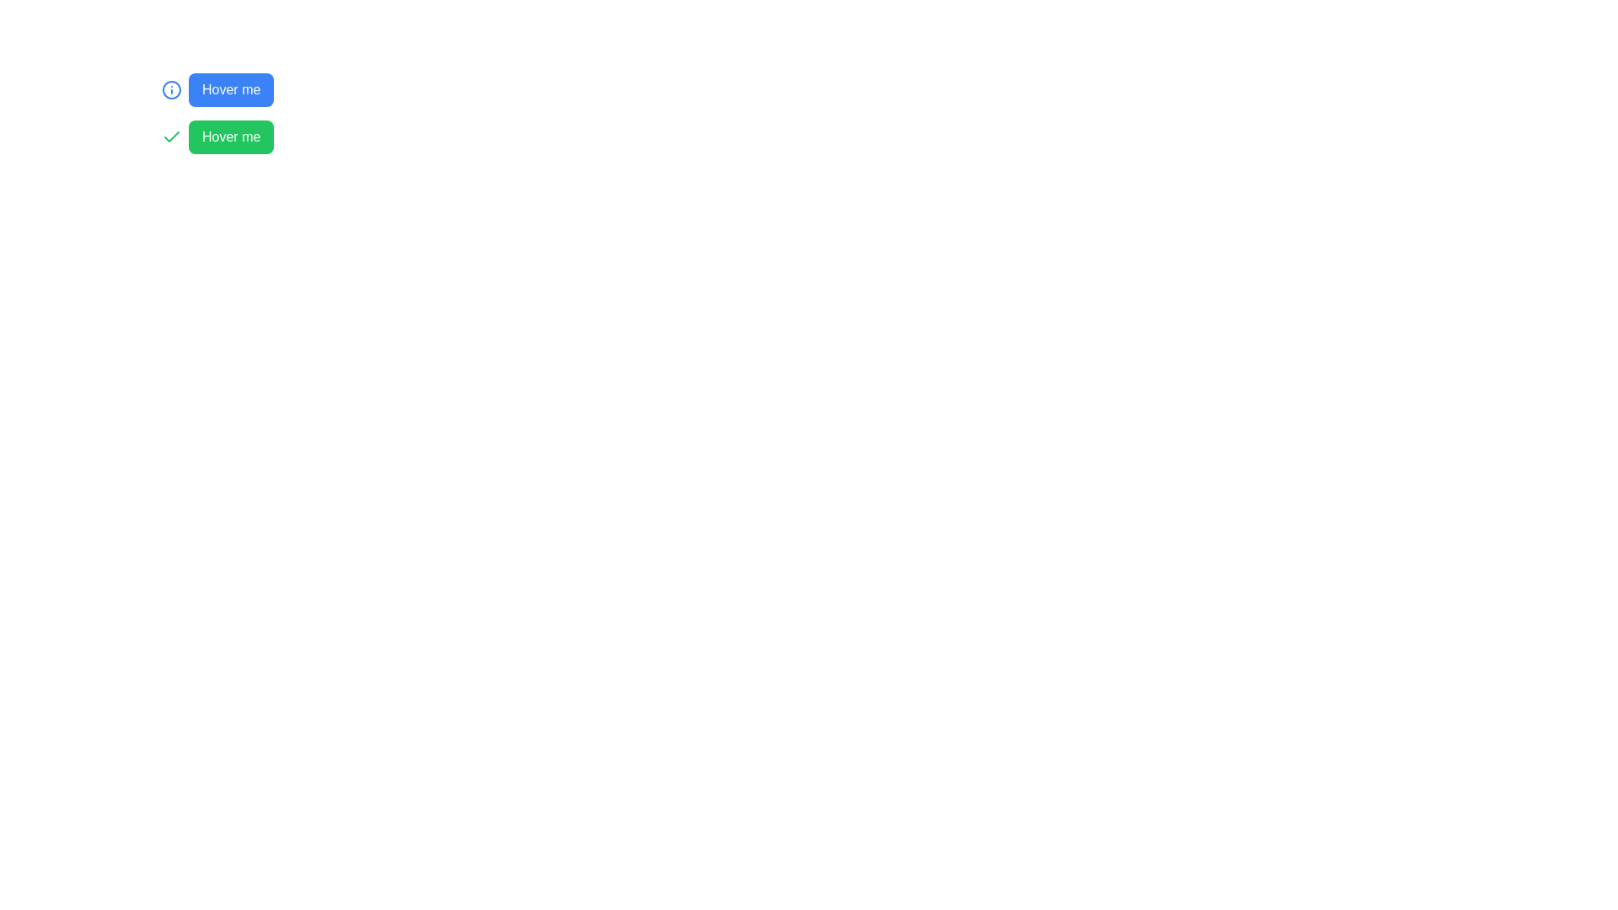  I want to click on the green checkmark icon, which is styled with a simple design and located to the left of the 'Hover me' text button, so click(171, 136).